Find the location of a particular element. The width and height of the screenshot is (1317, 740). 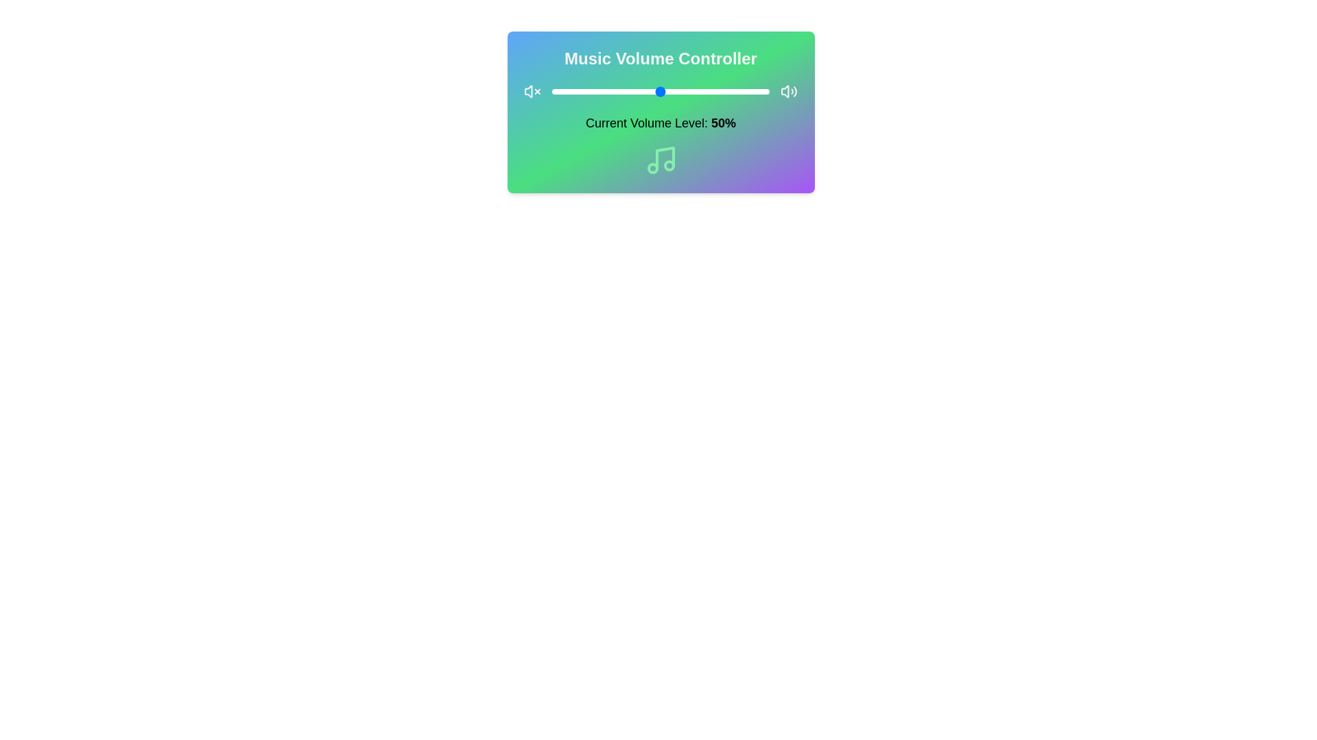

the volume slider to 92% is located at coordinates (751, 92).